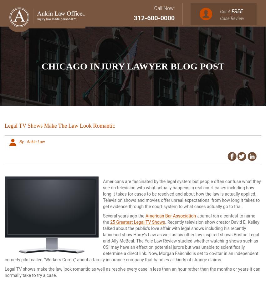 The height and width of the screenshot is (281, 266). What do you see at coordinates (137, 222) in the screenshot?
I see `'25 Greatest Legal TV Shows'` at bounding box center [137, 222].